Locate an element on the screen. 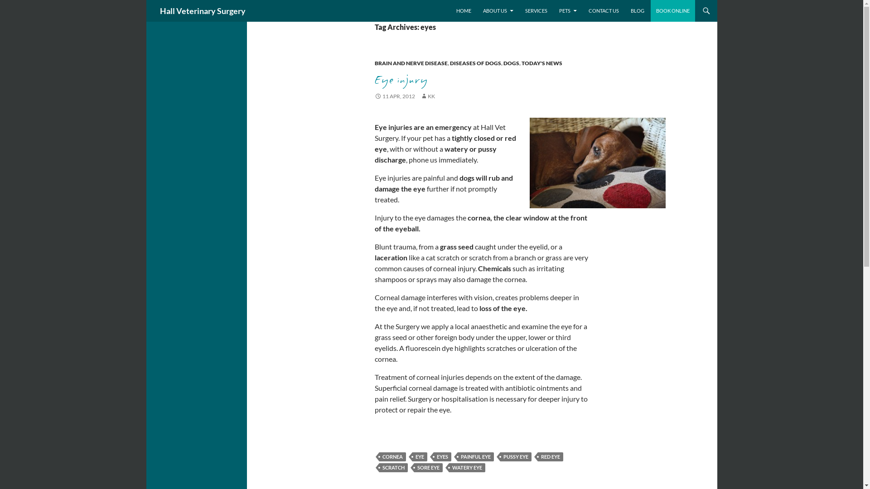 The image size is (870, 489). 'SORE EYE' is located at coordinates (428, 468).